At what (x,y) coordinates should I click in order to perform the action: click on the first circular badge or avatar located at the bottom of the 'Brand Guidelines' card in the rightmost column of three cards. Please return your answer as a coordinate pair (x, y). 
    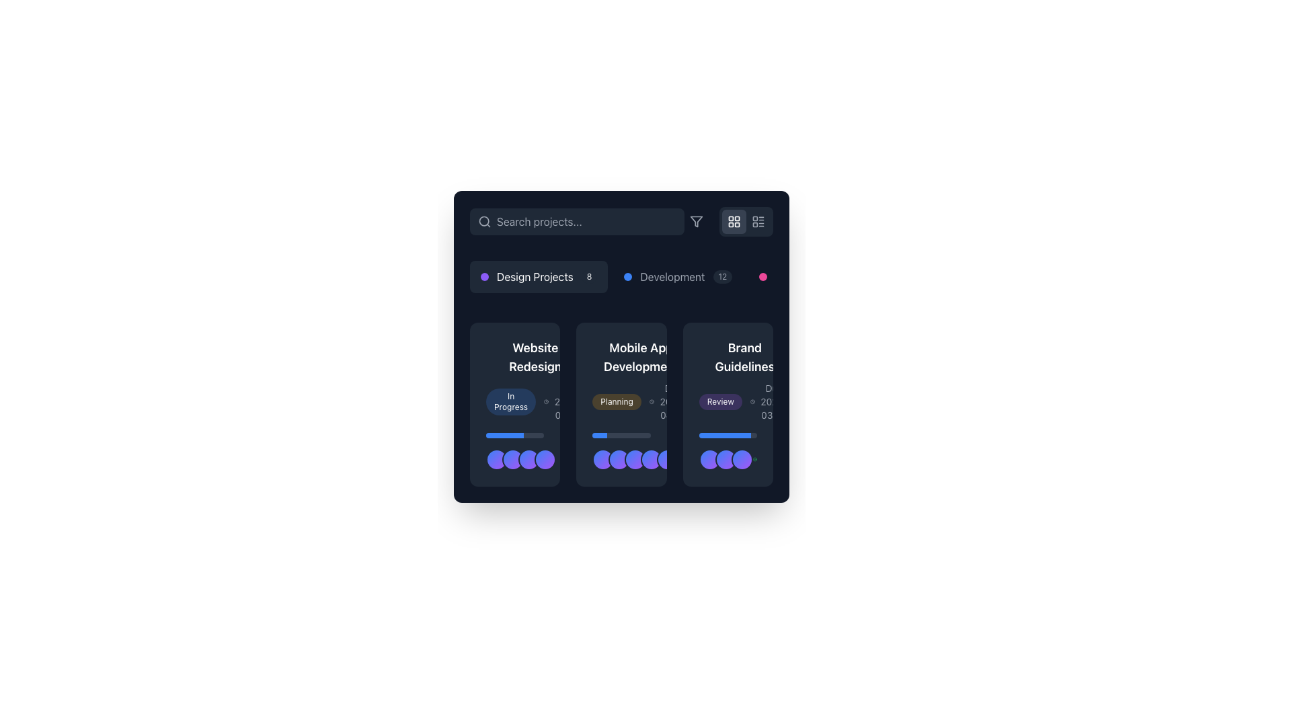
    Looking at the image, I should click on (709, 458).